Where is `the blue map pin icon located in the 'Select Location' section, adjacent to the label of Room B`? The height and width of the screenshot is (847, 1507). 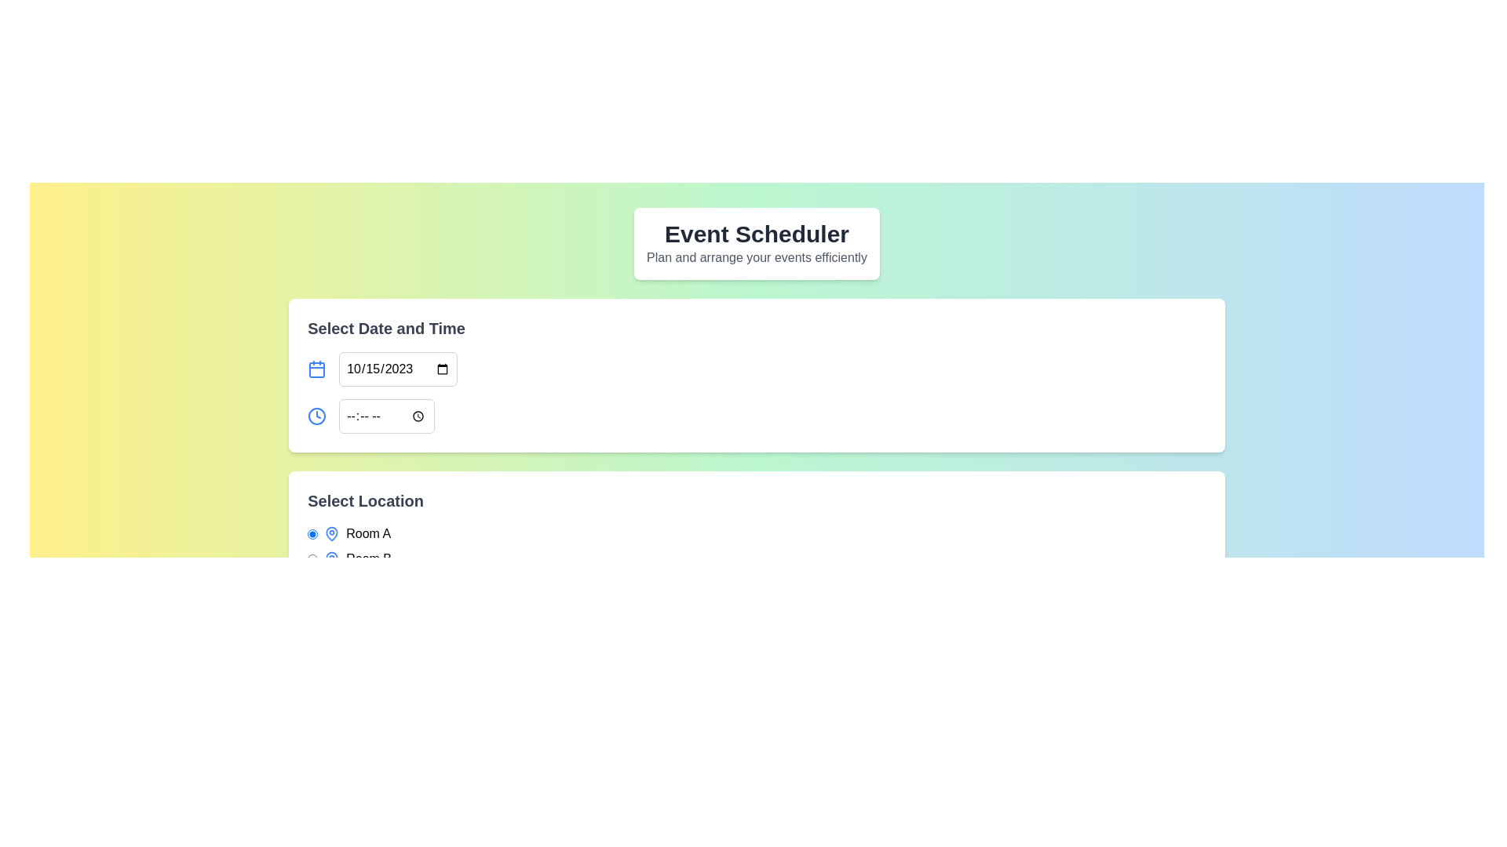
the blue map pin icon located in the 'Select Location' section, adjacent to the label of Room B is located at coordinates (331, 558).